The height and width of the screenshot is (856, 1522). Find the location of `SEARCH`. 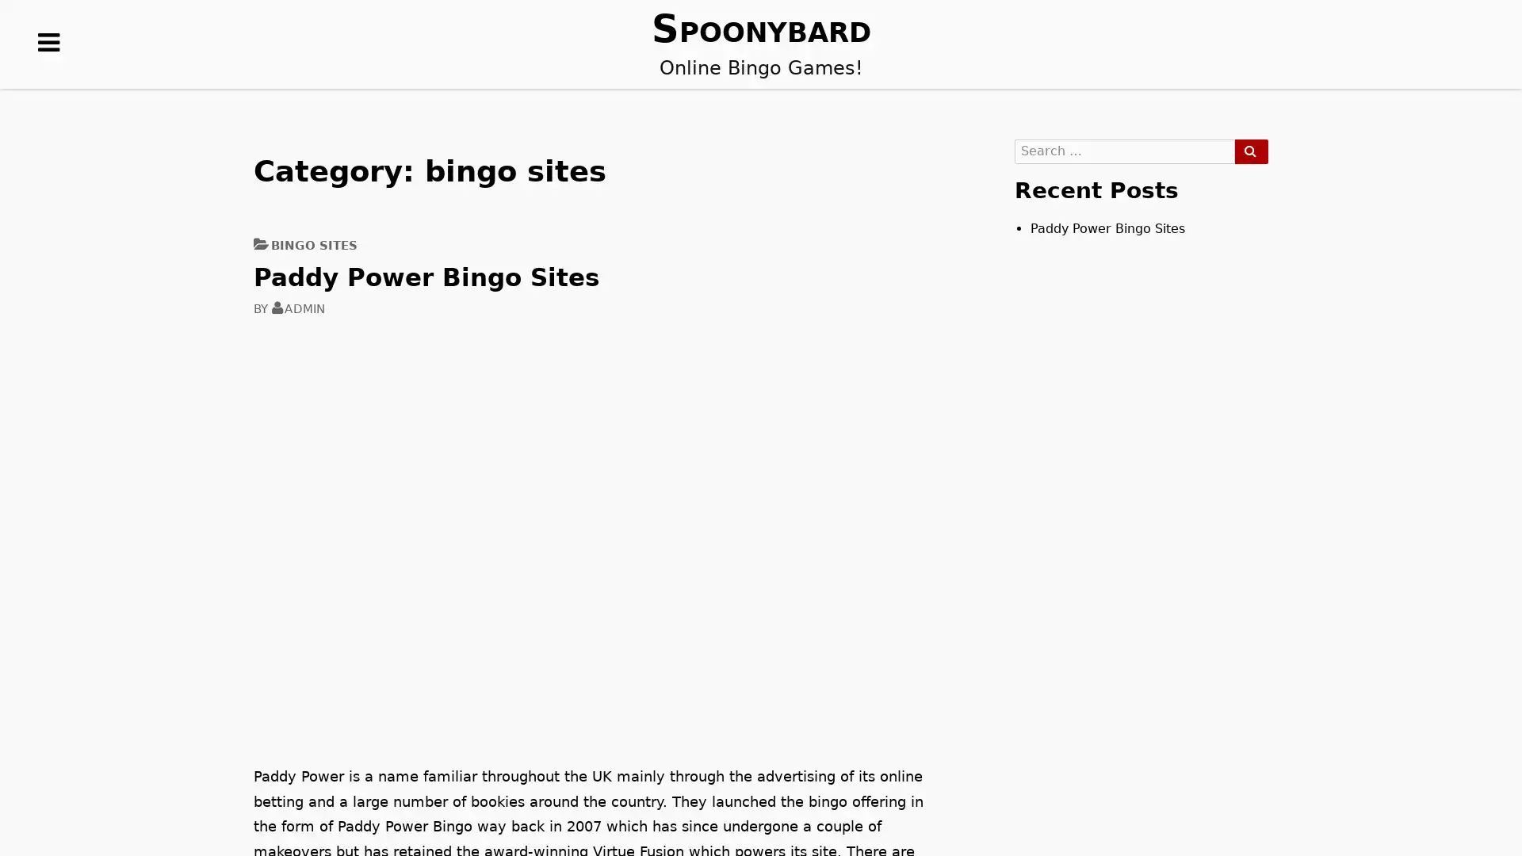

SEARCH is located at coordinates (1250, 151).